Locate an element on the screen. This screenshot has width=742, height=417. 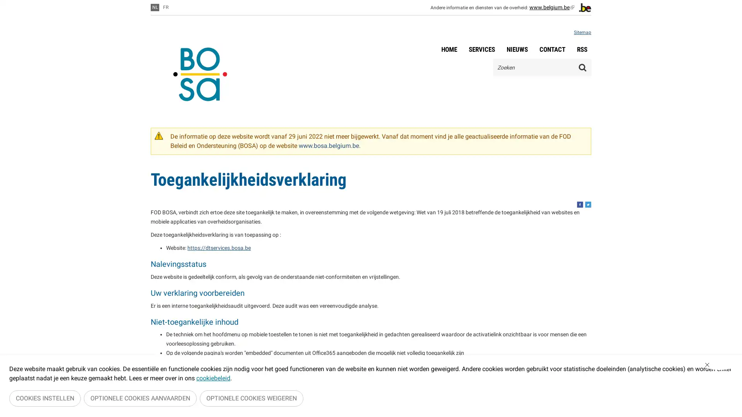
Sluiten is located at coordinates (719, 367).